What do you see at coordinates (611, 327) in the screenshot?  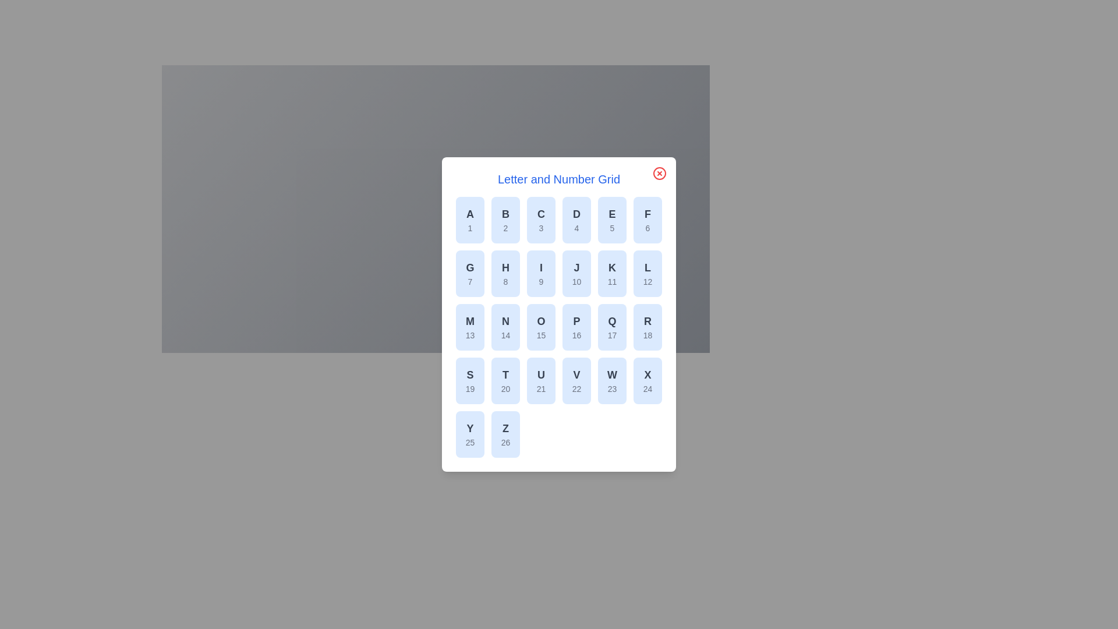 I see `the grid item corresponding to letter Q` at bounding box center [611, 327].